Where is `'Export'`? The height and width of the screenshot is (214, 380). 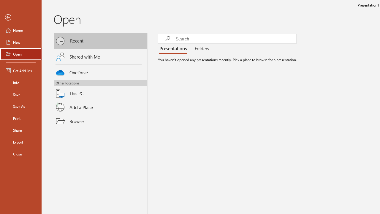 'Export' is located at coordinates (20, 142).